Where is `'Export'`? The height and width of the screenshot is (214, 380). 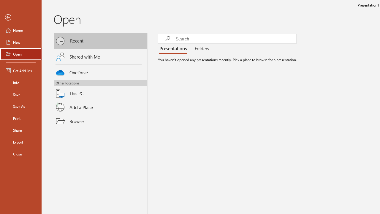 'Export' is located at coordinates (20, 142).